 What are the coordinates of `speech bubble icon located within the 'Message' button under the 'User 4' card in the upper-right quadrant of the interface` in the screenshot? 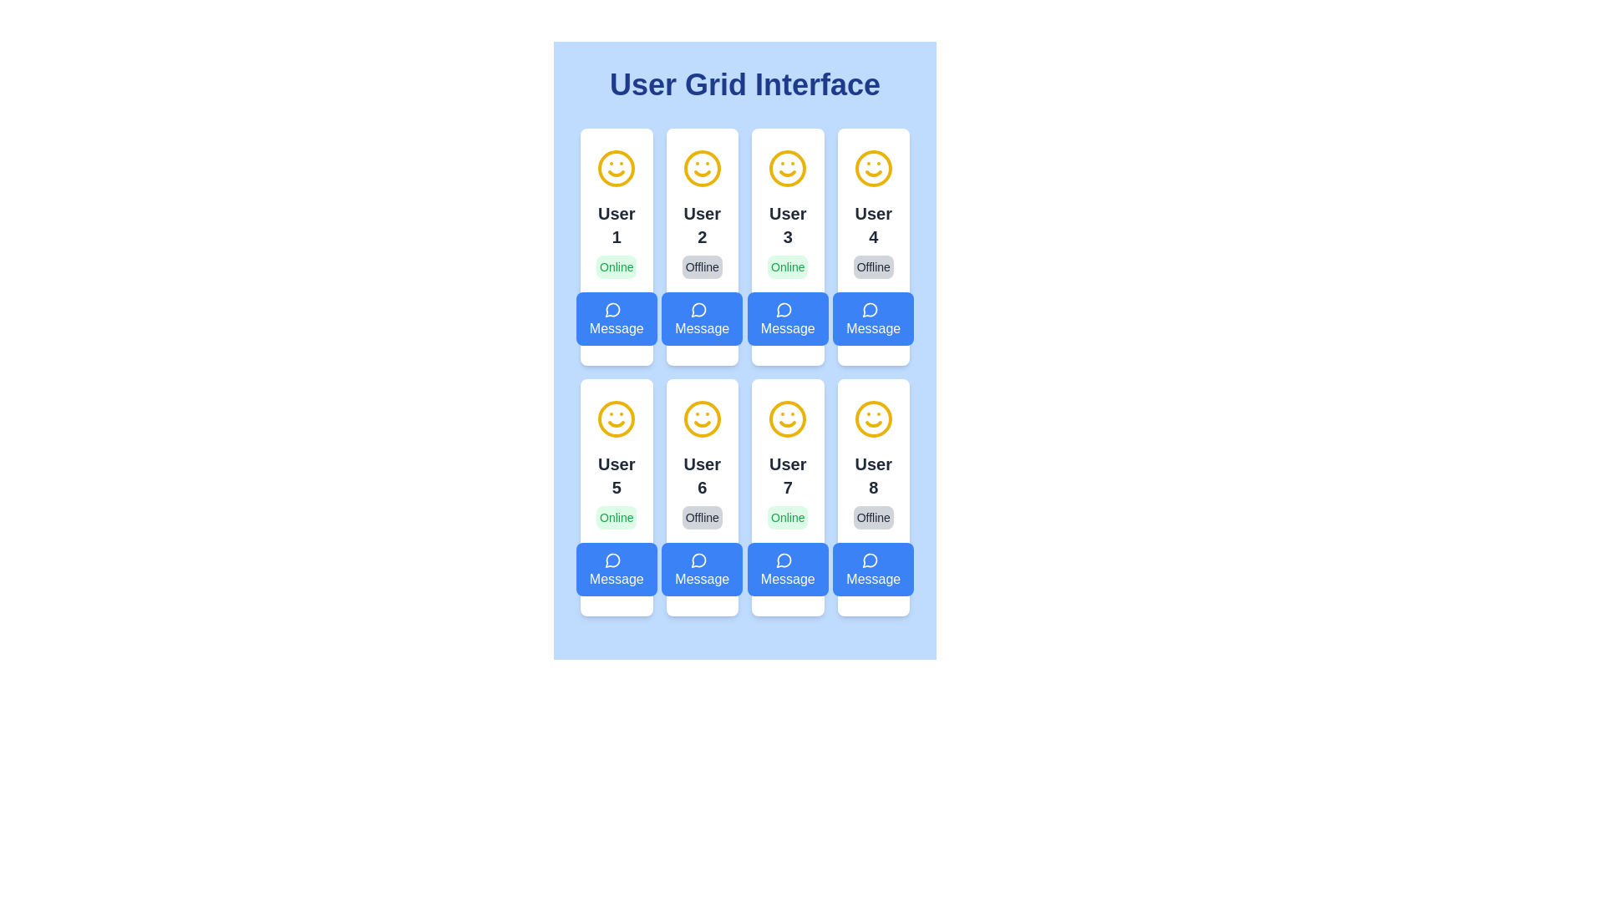 It's located at (869, 310).